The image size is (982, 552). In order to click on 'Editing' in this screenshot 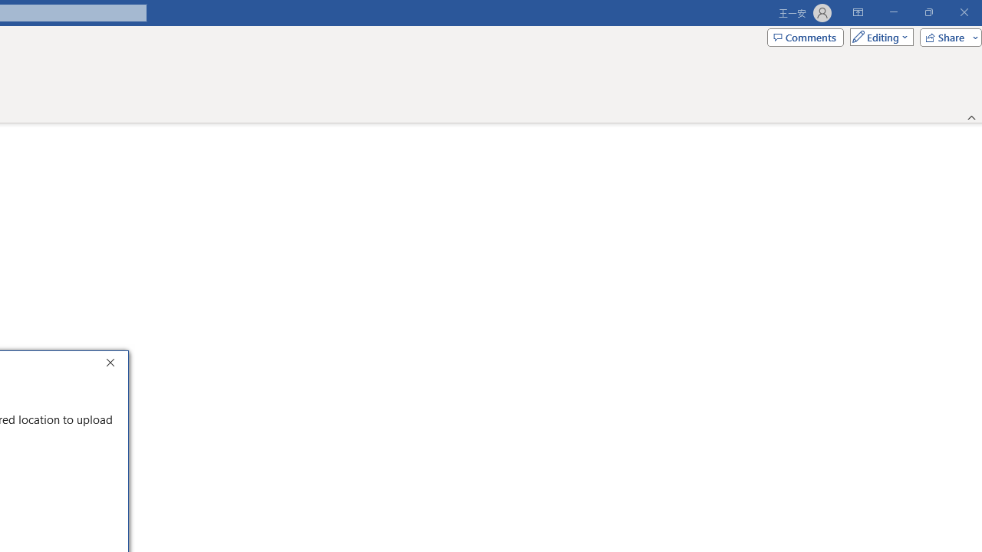, I will do `click(878, 36)`.